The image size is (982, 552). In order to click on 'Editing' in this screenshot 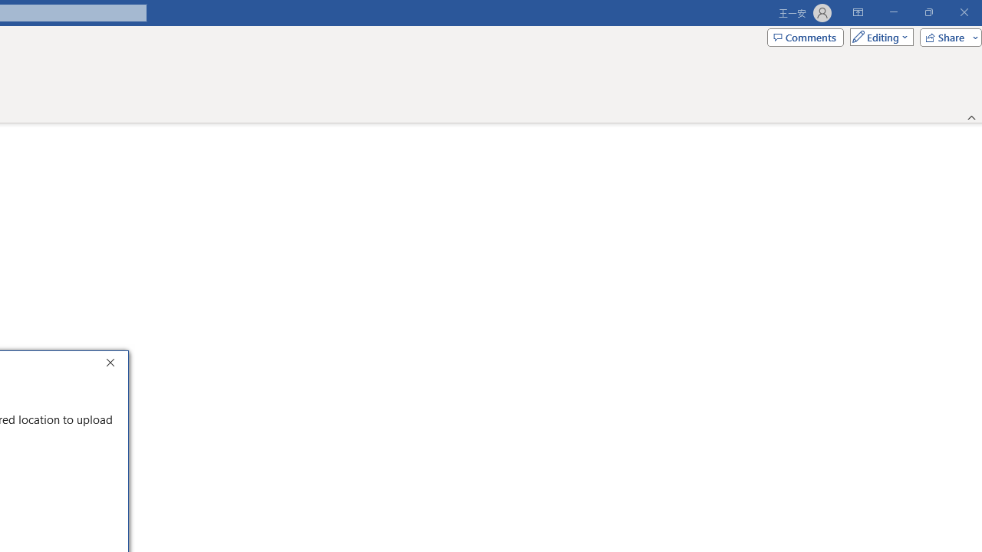, I will do `click(878, 36)`.